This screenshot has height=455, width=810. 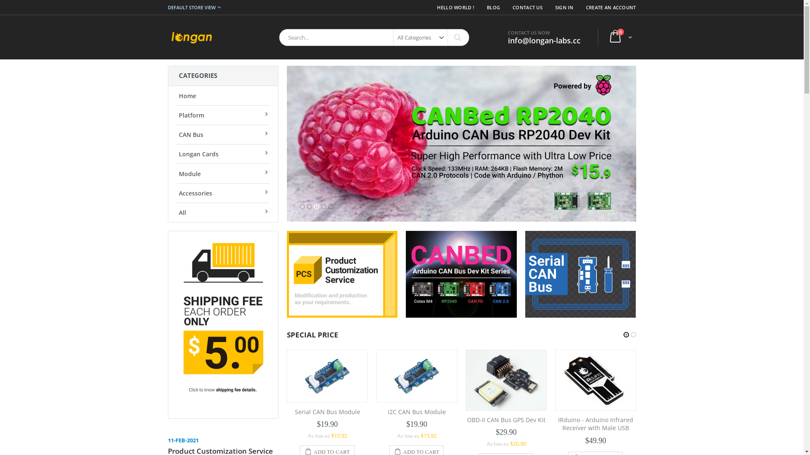 What do you see at coordinates (175, 134) in the screenshot?
I see `'CAN Bus'` at bounding box center [175, 134].